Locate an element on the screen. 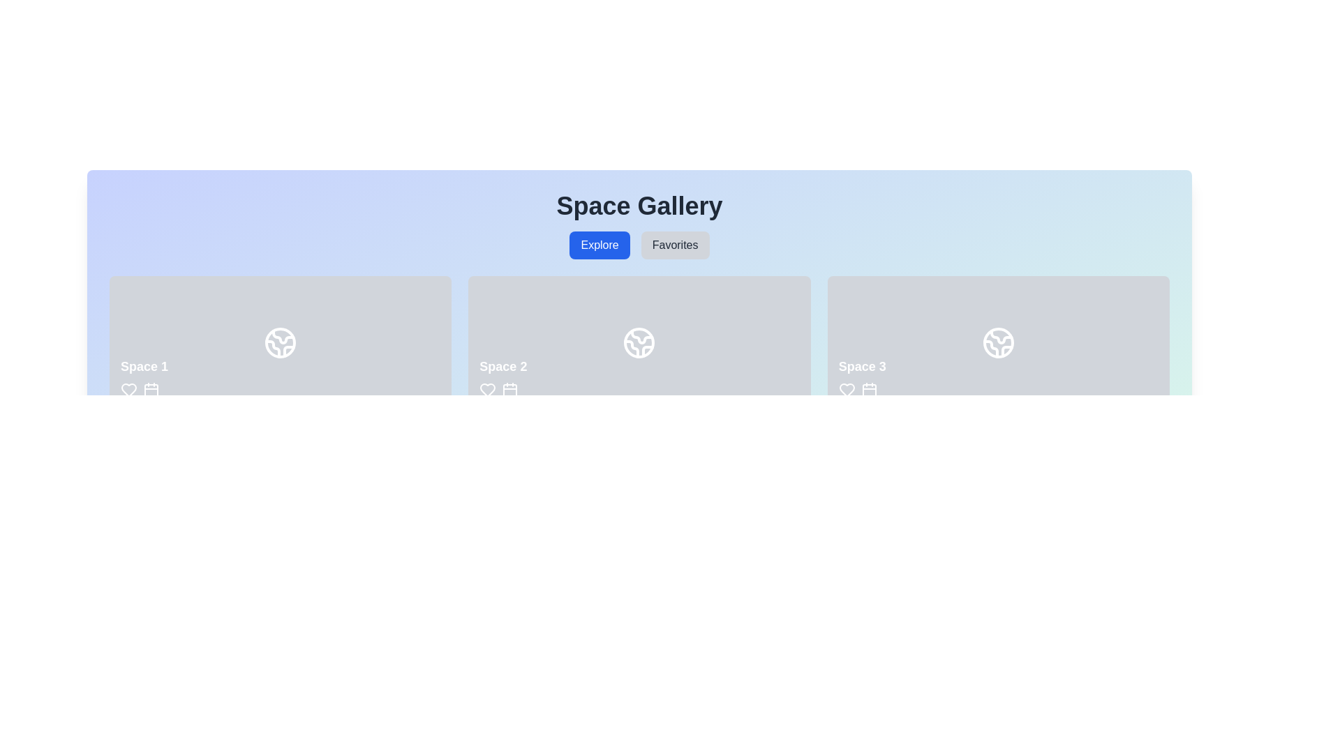 Image resolution: width=1340 pixels, height=753 pixels. the round globe icon with a white outline and curved segments, located in the third card from the left in a horizontally aligned grid of cards is located at coordinates (997, 343).